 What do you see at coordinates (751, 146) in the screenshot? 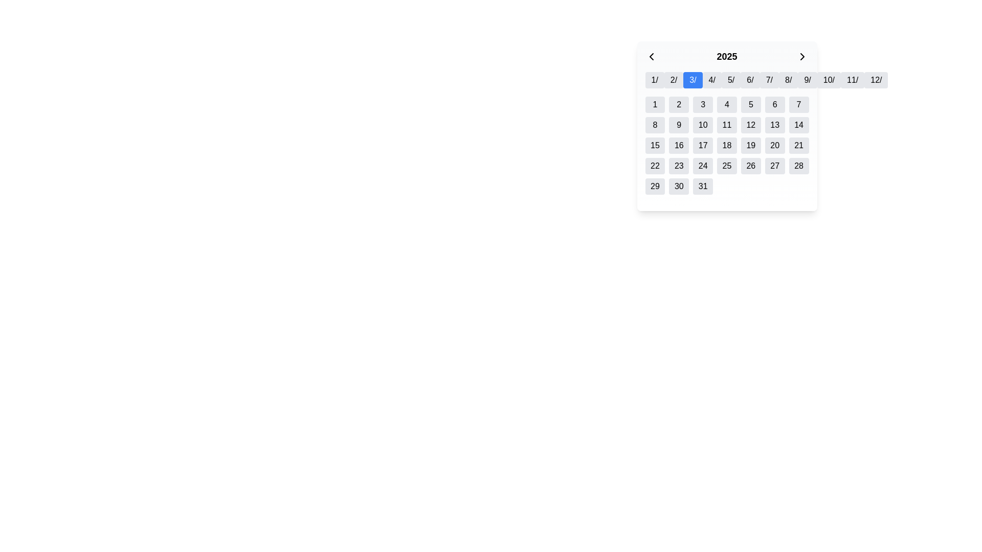
I see `the selectable date button for the 19th in the calendar component located in the 3rd row and 5th column of the grid` at bounding box center [751, 146].